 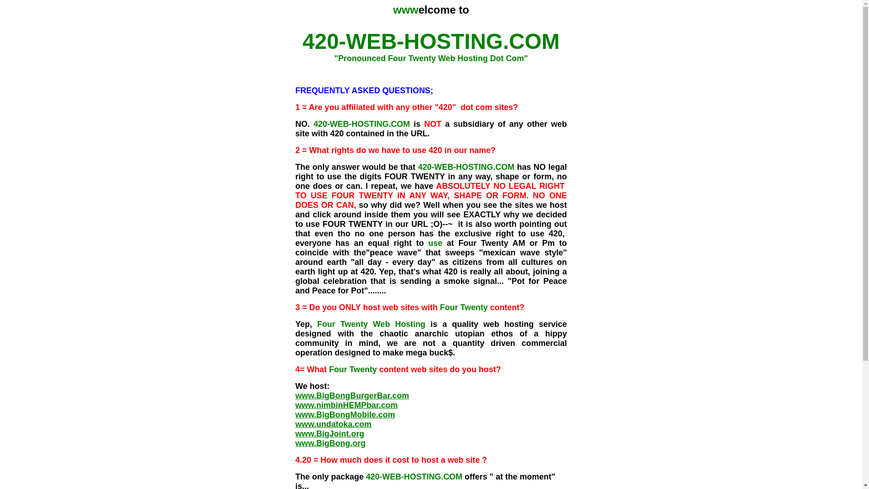 What do you see at coordinates (345, 404) in the screenshot?
I see `'www.nimbinHEMPbar.com'` at bounding box center [345, 404].